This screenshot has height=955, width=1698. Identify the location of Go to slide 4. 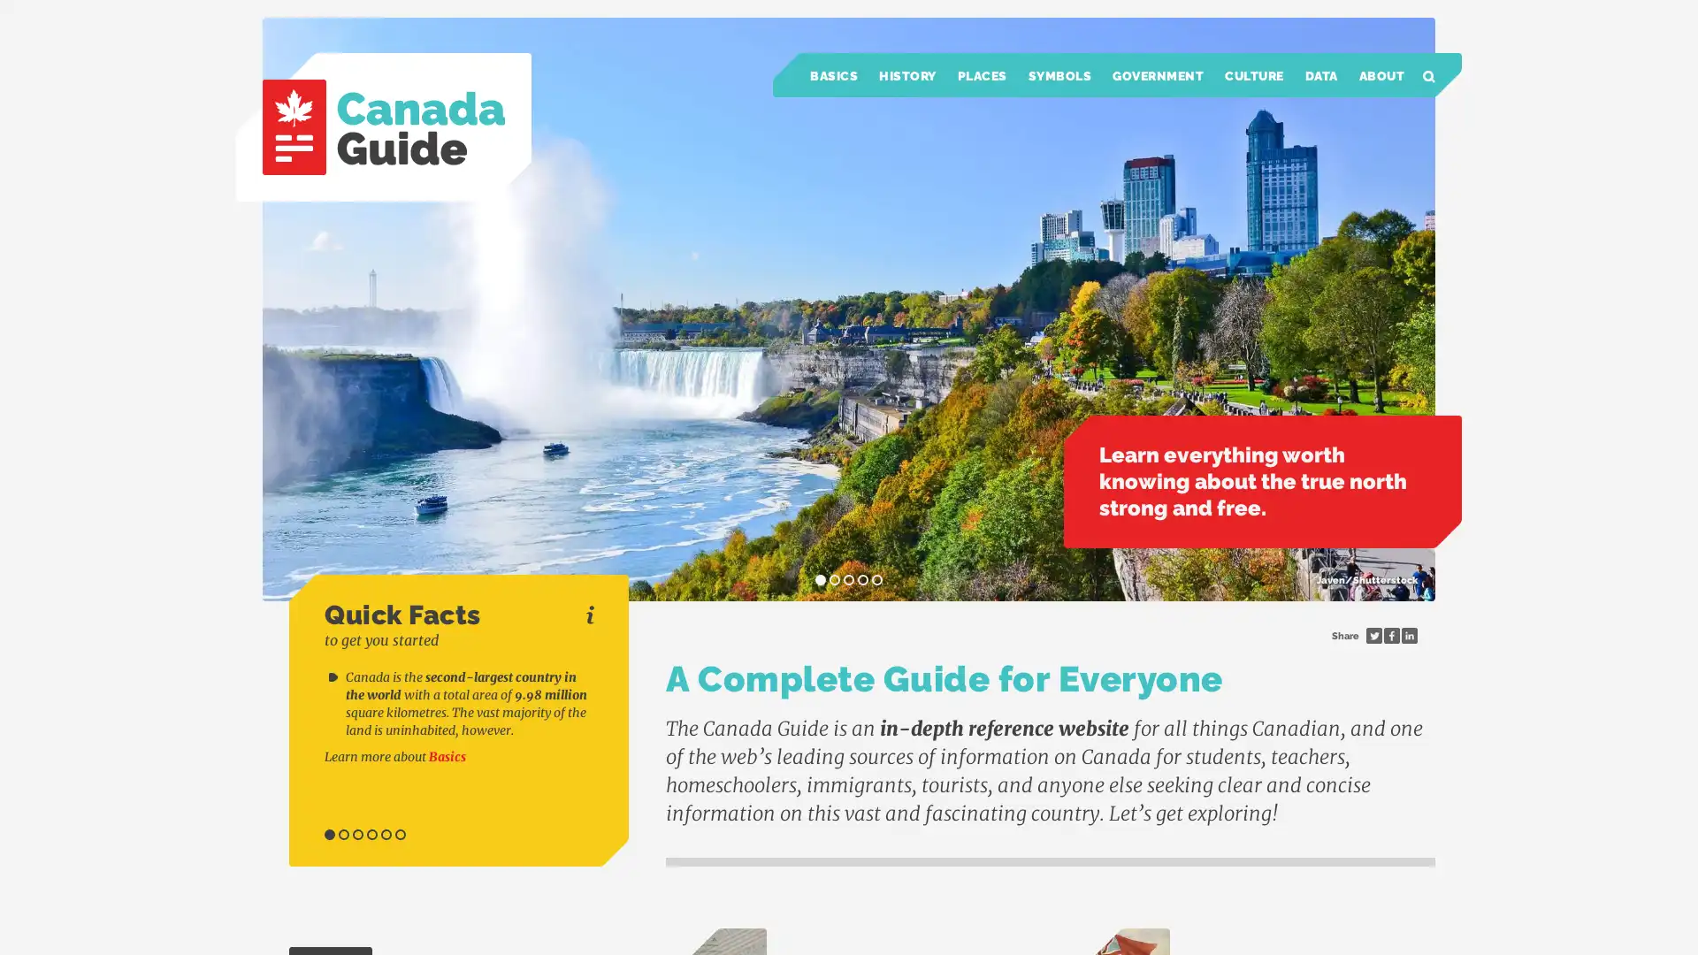
(371, 835).